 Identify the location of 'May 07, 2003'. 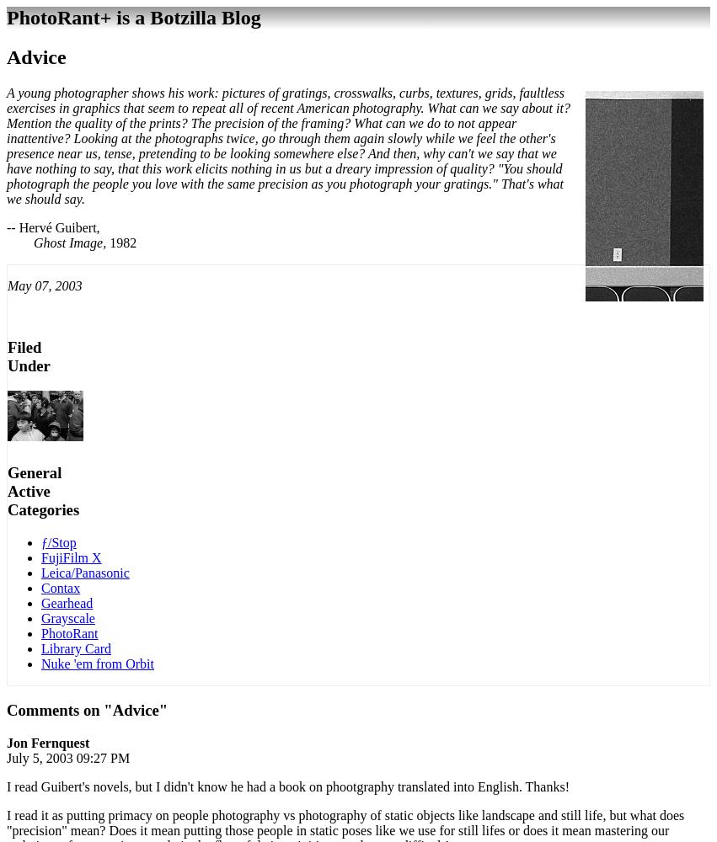
(7, 284).